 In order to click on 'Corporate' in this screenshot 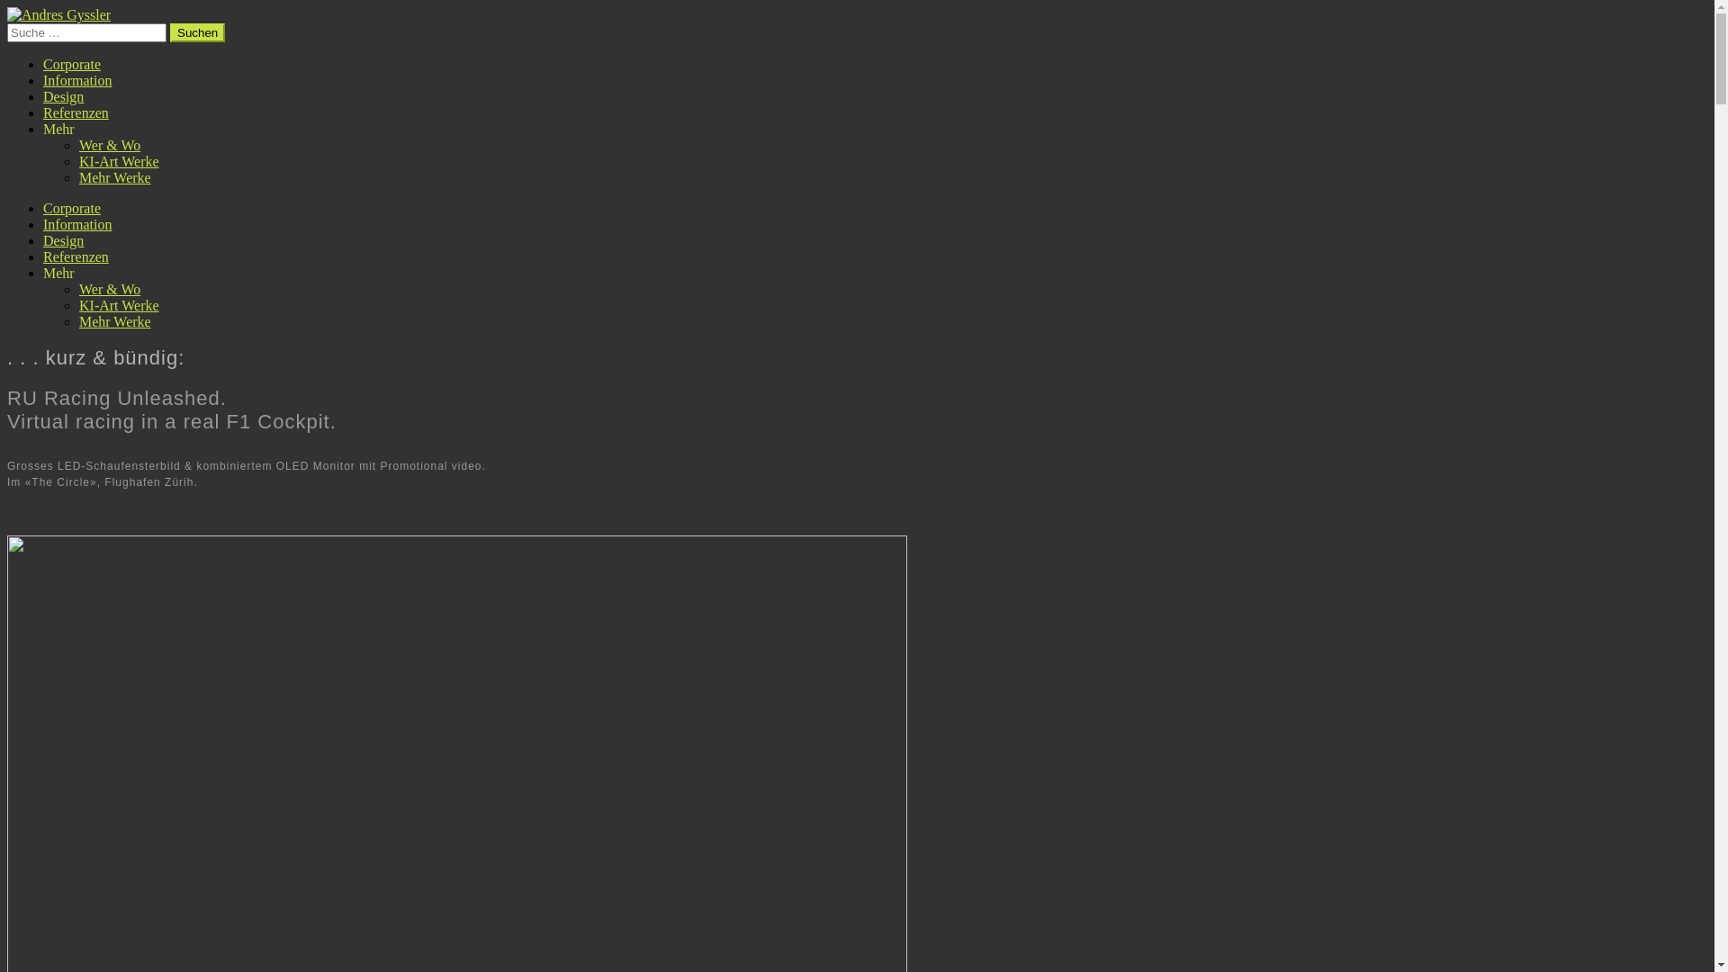, I will do `click(72, 63)`.